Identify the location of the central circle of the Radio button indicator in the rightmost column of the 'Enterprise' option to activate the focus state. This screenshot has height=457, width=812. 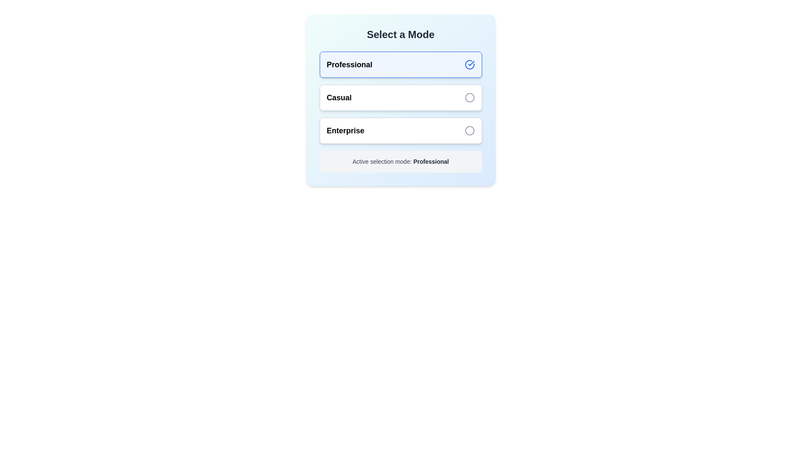
(469, 130).